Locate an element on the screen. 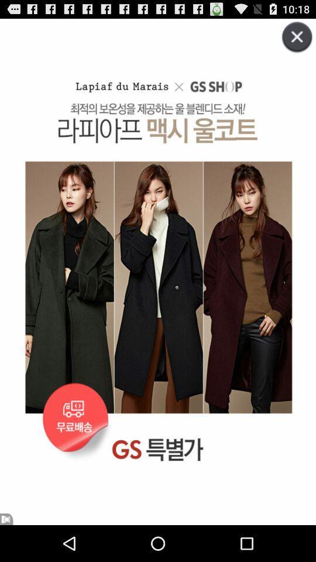  the close icon is located at coordinates (290, 46).